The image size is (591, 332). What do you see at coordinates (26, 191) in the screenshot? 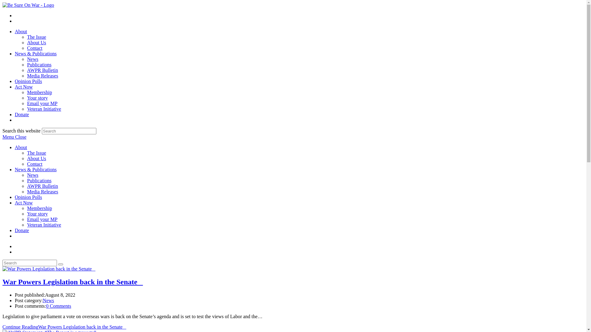
I see `'Media Releases'` at bounding box center [26, 191].